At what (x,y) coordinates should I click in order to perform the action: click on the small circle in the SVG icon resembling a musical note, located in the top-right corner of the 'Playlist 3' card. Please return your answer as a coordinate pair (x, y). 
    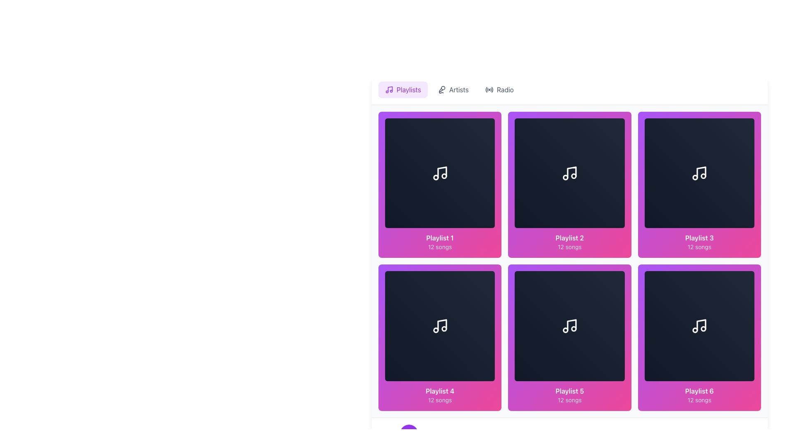
    Looking at the image, I should click on (703, 175).